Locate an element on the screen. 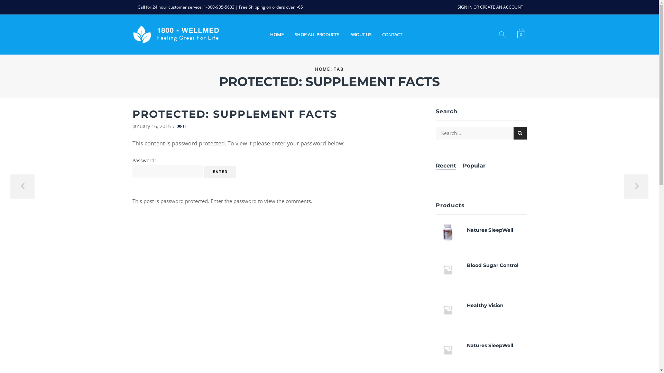  '0' is located at coordinates (522, 34).